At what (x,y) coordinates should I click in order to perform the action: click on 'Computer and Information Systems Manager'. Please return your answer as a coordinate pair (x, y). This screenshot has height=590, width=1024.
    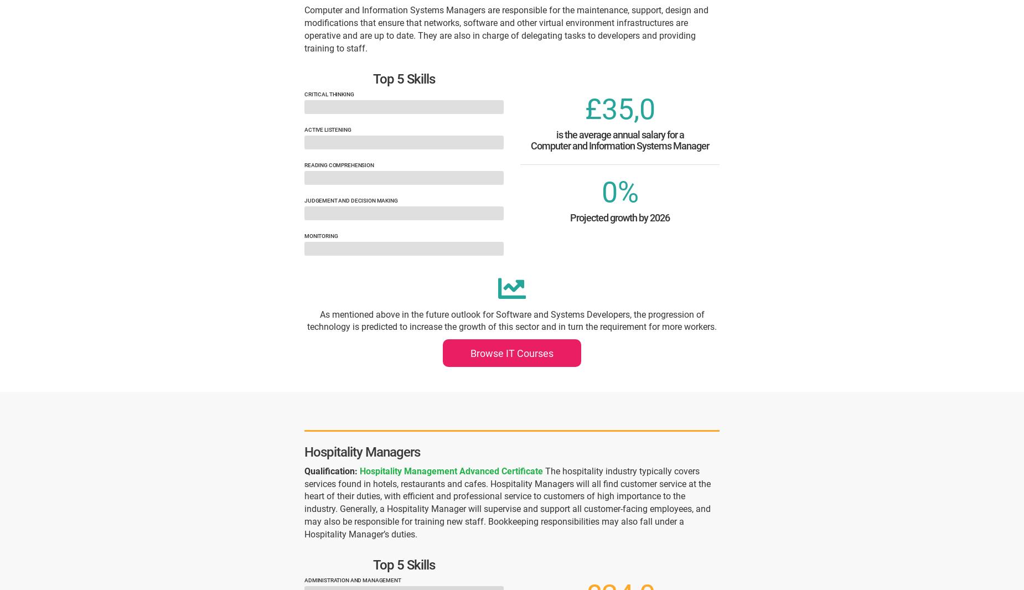
    Looking at the image, I should click on (530, 144).